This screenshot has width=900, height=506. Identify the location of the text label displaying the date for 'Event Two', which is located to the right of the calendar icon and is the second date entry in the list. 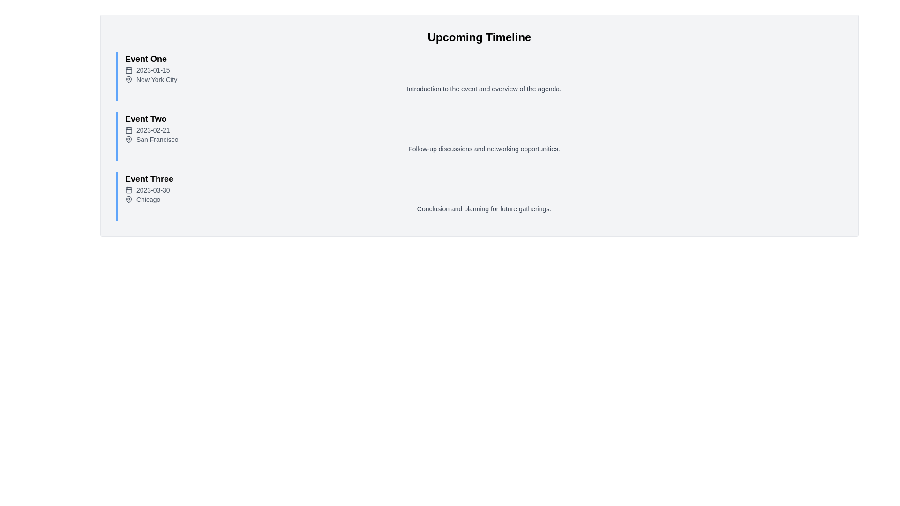
(153, 130).